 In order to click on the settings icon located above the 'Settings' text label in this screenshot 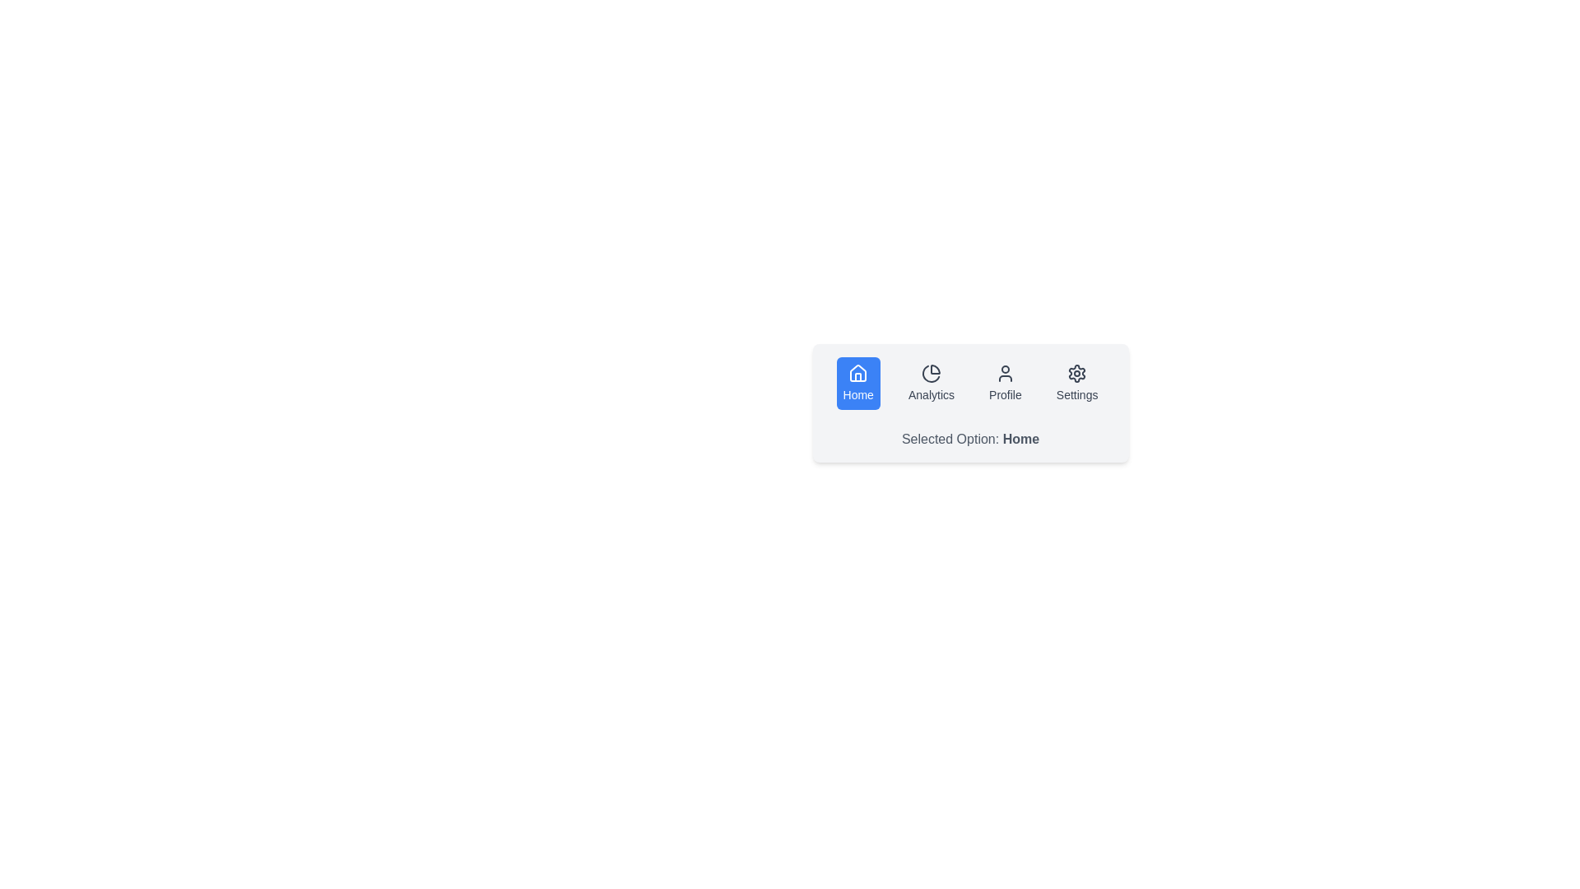, I will do `click(1077, 374)`.